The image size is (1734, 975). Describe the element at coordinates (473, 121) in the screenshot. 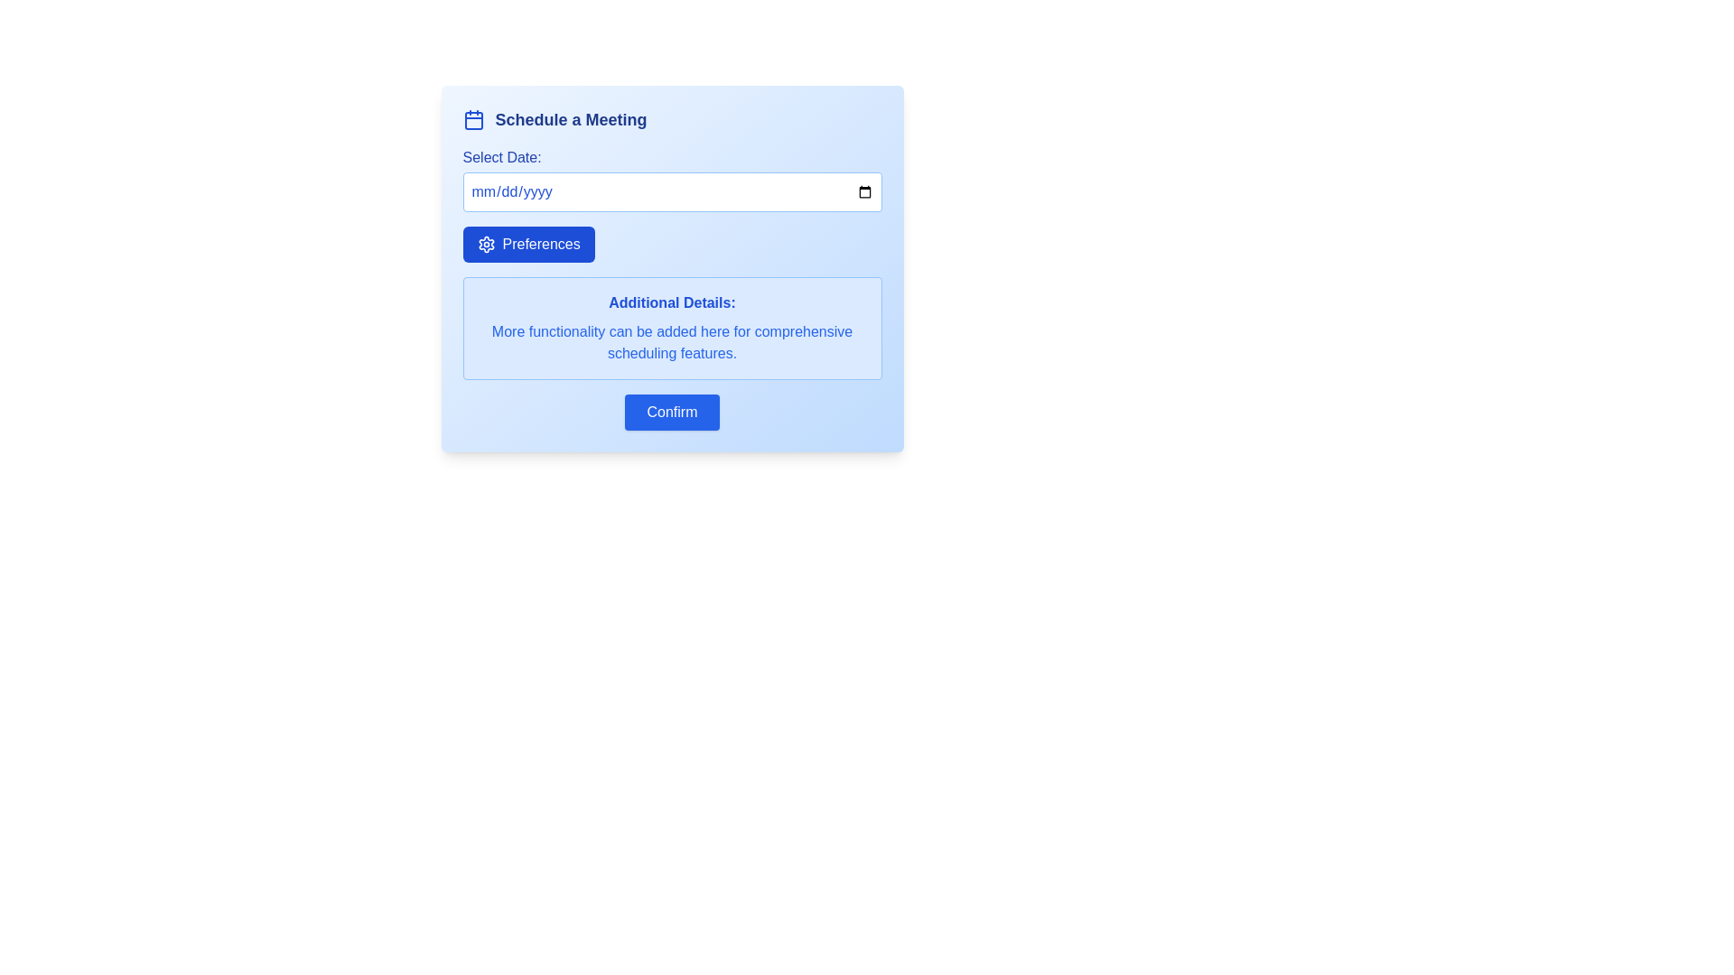

I see `the square-shaped icon with rounded corners that has a light blue fill located` at that location.